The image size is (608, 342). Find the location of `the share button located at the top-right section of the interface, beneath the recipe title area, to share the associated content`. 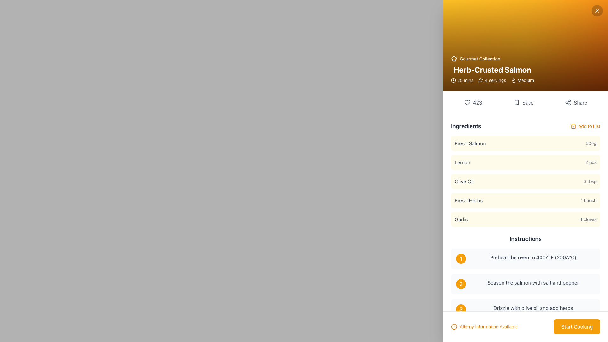

the share button located at the top-right section of the interface, beneath the recipe title area, to share the associated content is located at coordinates (576, 102).